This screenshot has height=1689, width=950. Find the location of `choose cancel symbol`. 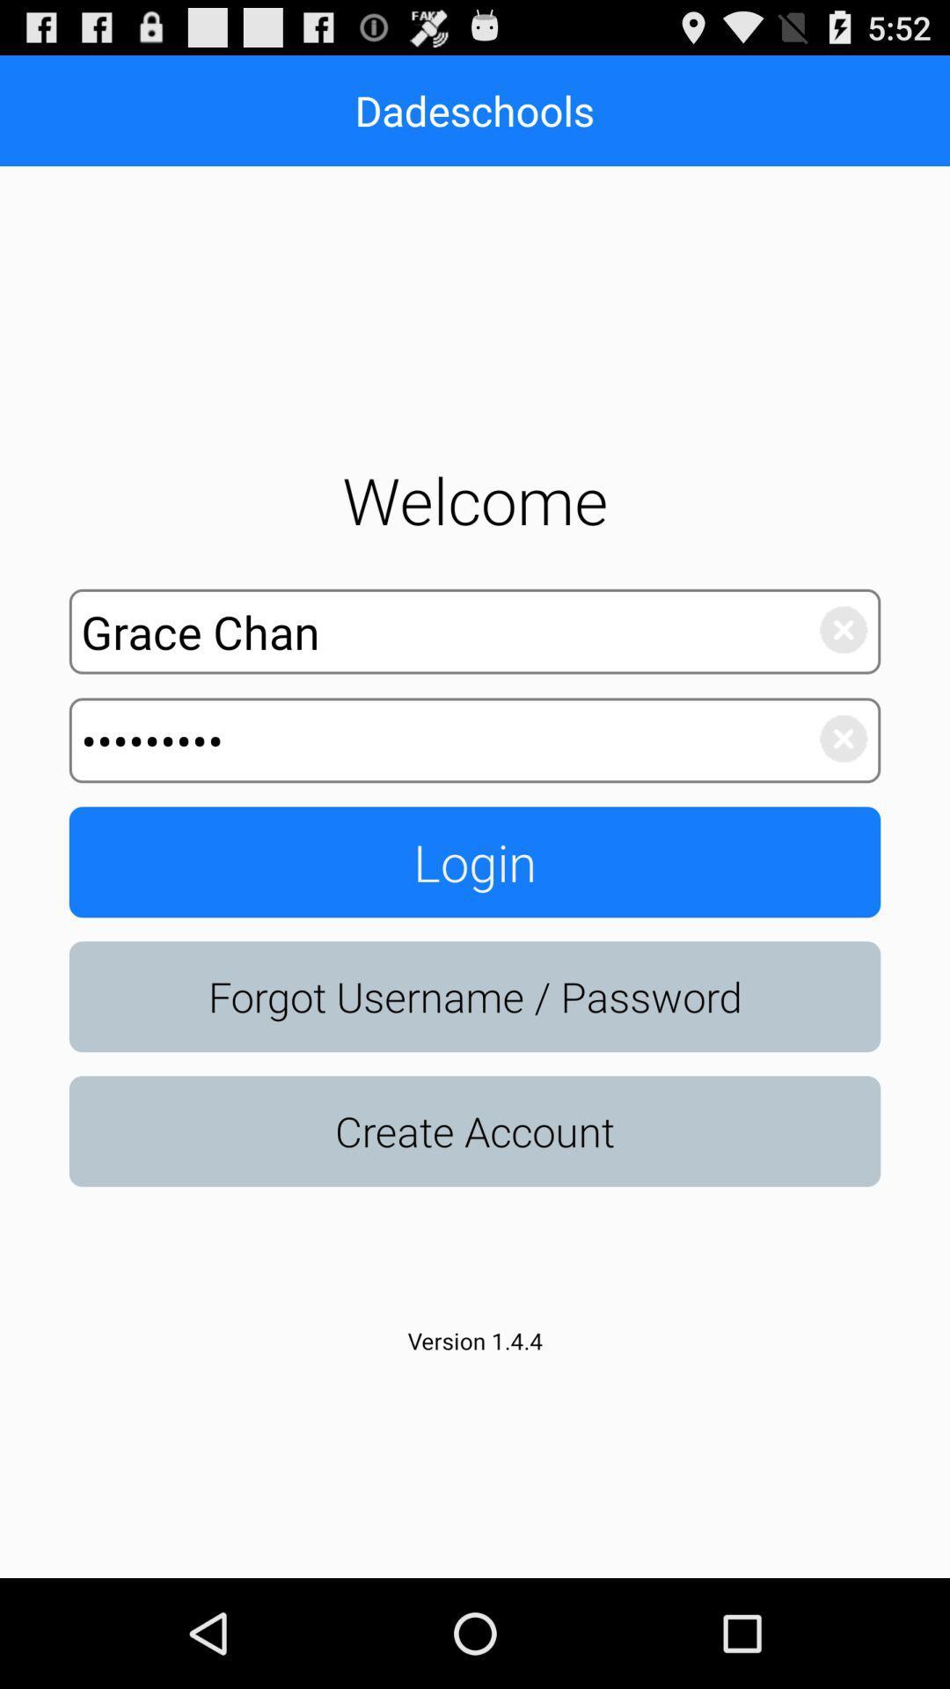

choose cancel symbol is located at coordinates (833, 625).